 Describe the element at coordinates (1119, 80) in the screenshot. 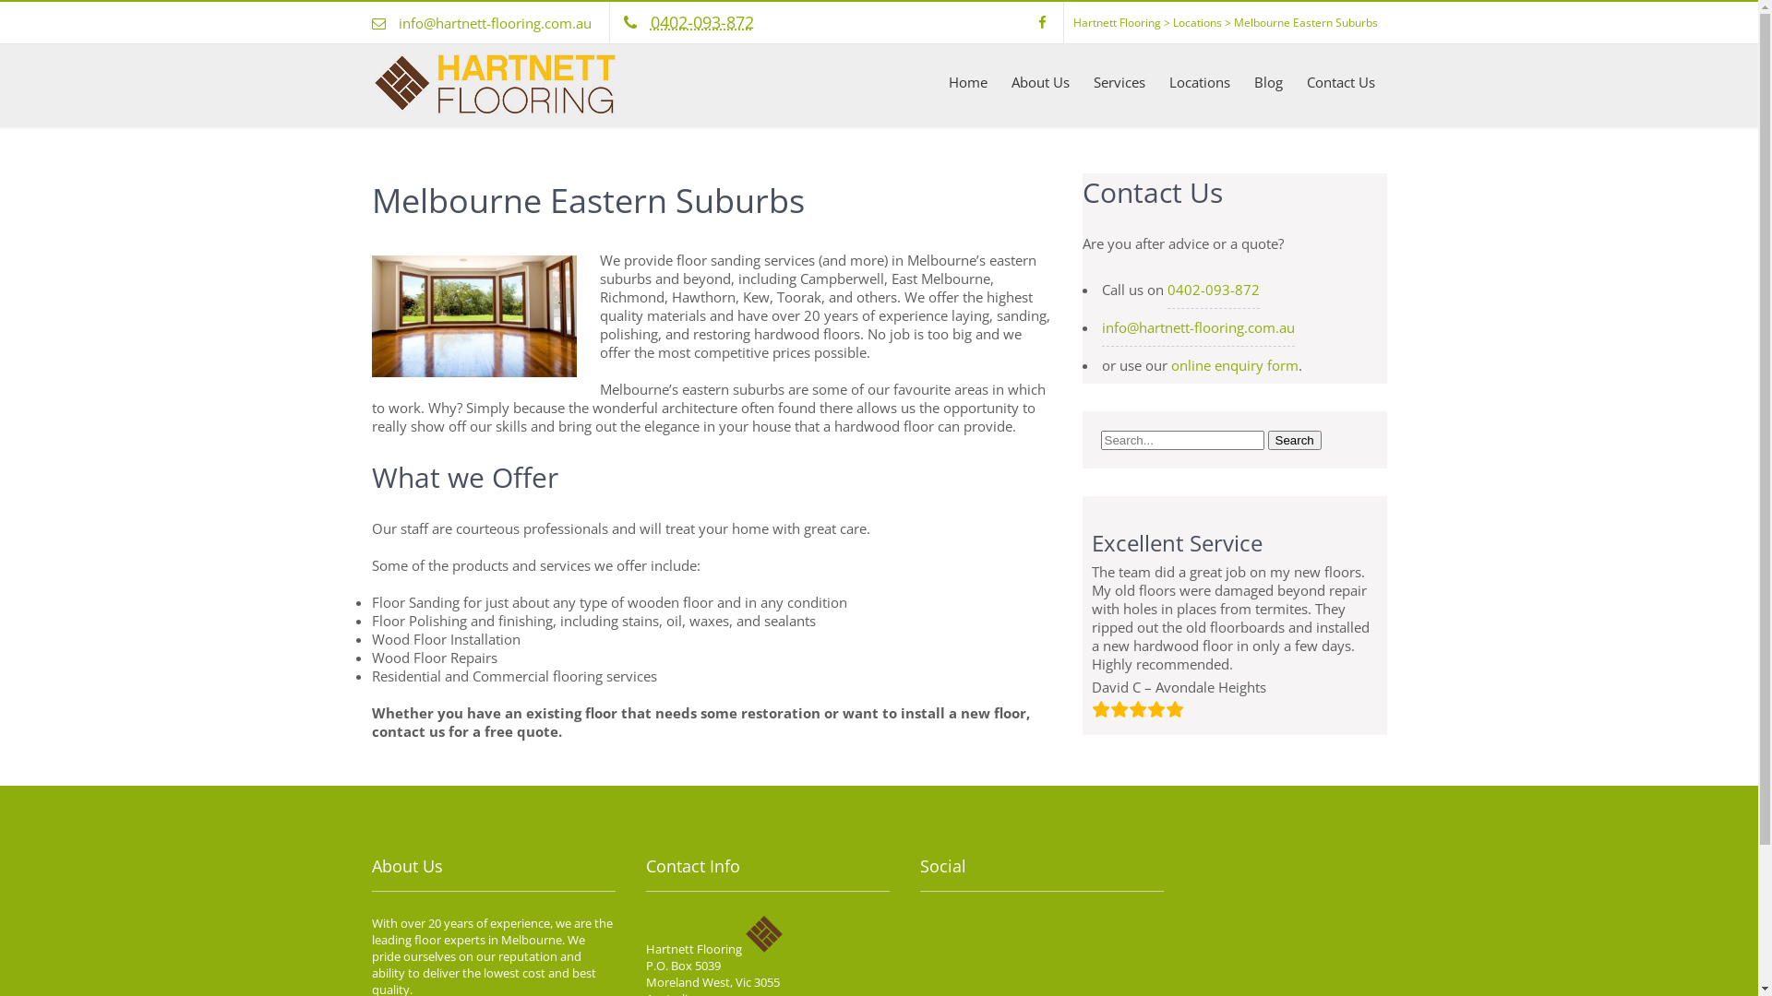

I see `'Services'` at that location.